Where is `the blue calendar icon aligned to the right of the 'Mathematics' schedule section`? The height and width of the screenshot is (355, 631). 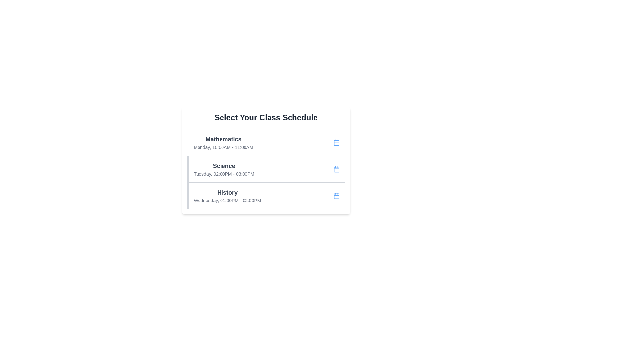 the blue calendar icon aligned to the right of the 'Mathematics' schedule section is located at coordinates (336, 142).